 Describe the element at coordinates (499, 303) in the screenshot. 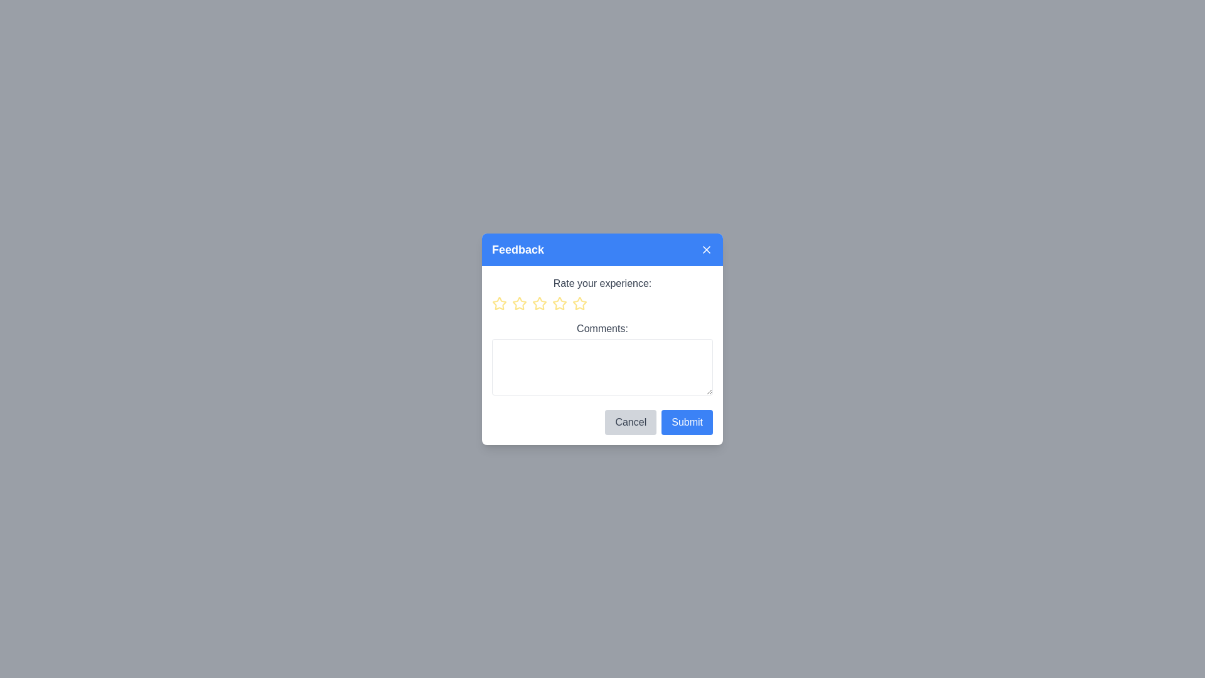

I see `the star icon representing the first rating option in the feedback form` at that location.